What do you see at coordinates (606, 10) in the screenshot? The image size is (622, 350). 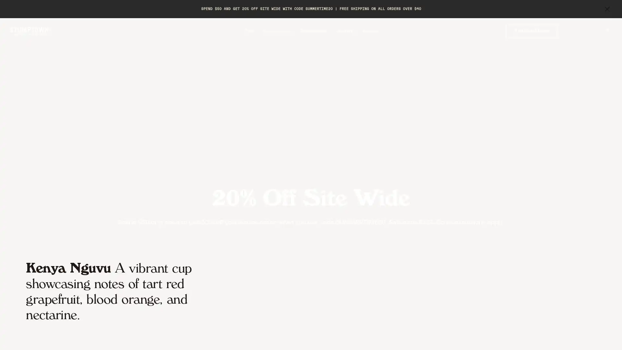 I see `close` at bounding box center [606, 10].